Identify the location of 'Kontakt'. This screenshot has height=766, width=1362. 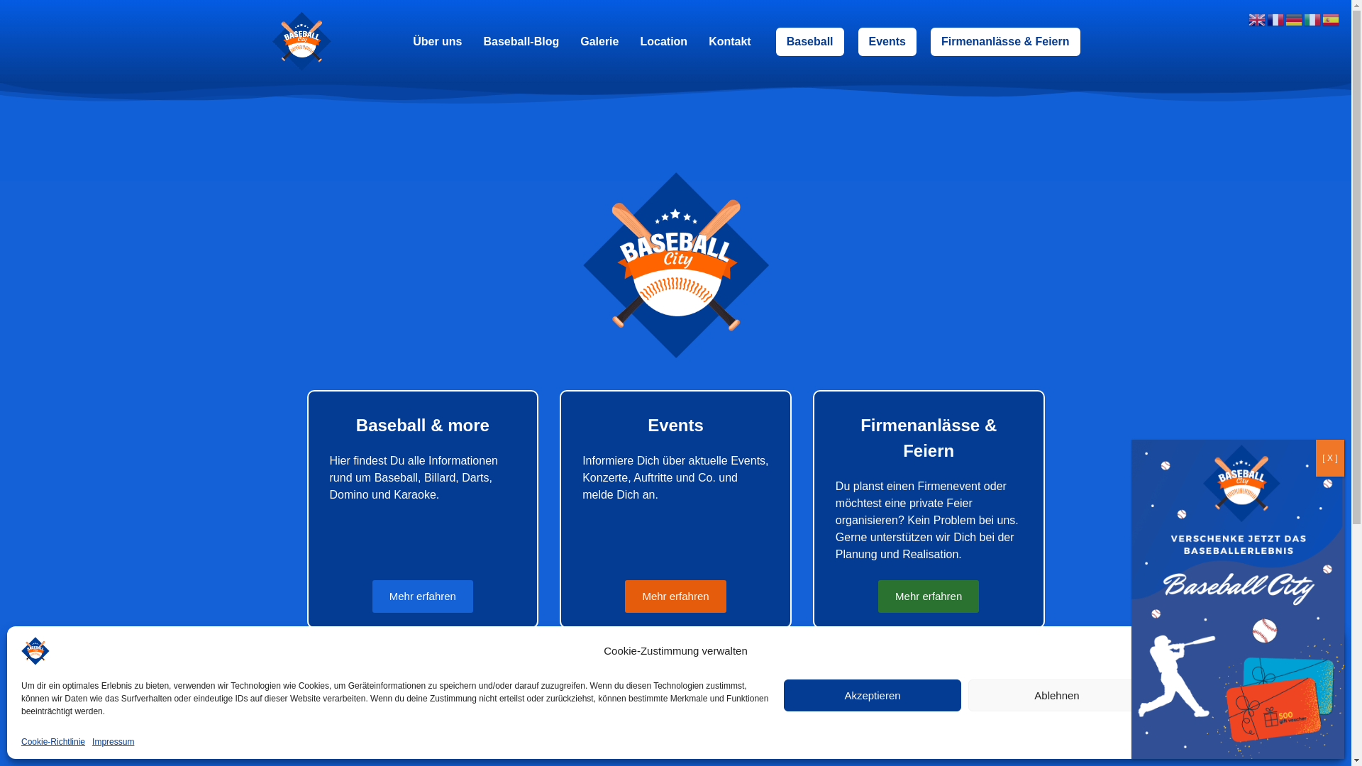
(729, 40).